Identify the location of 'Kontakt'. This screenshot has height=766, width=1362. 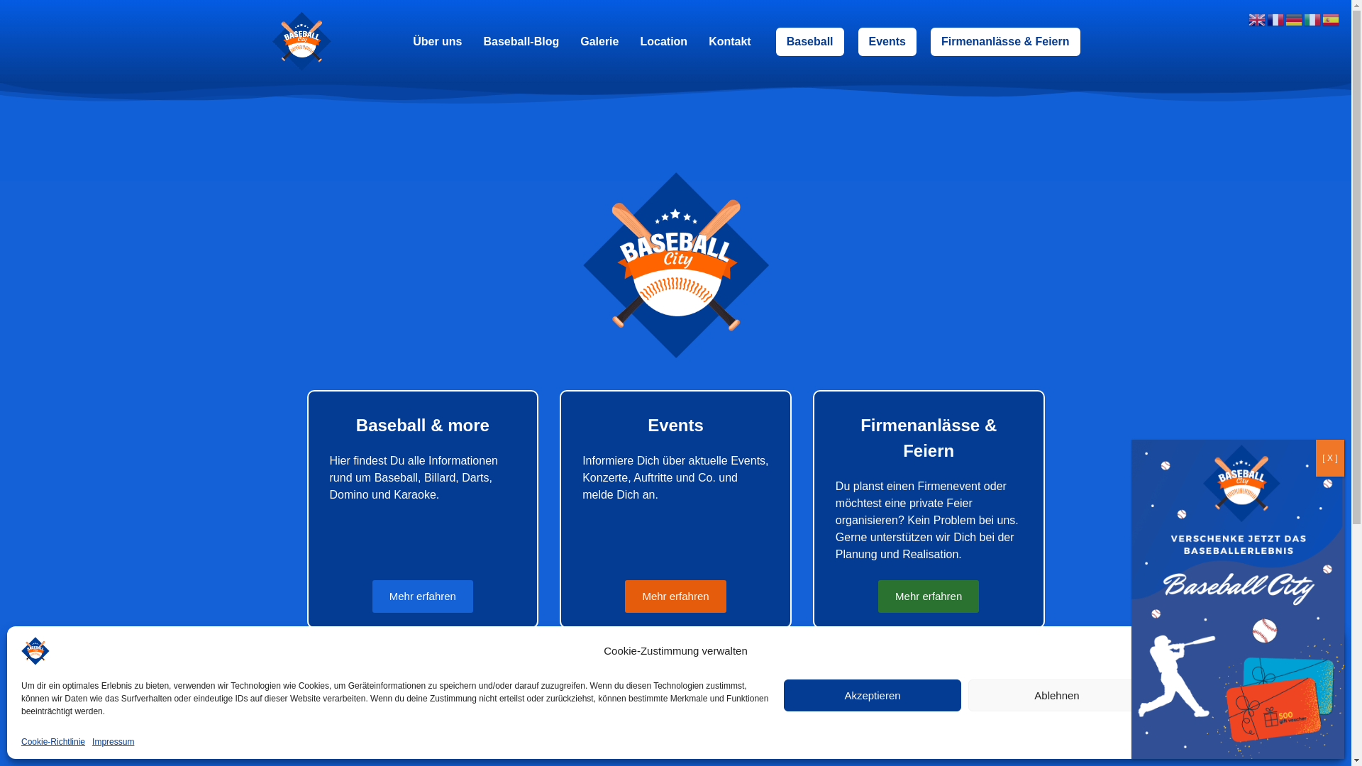
(729, 40).